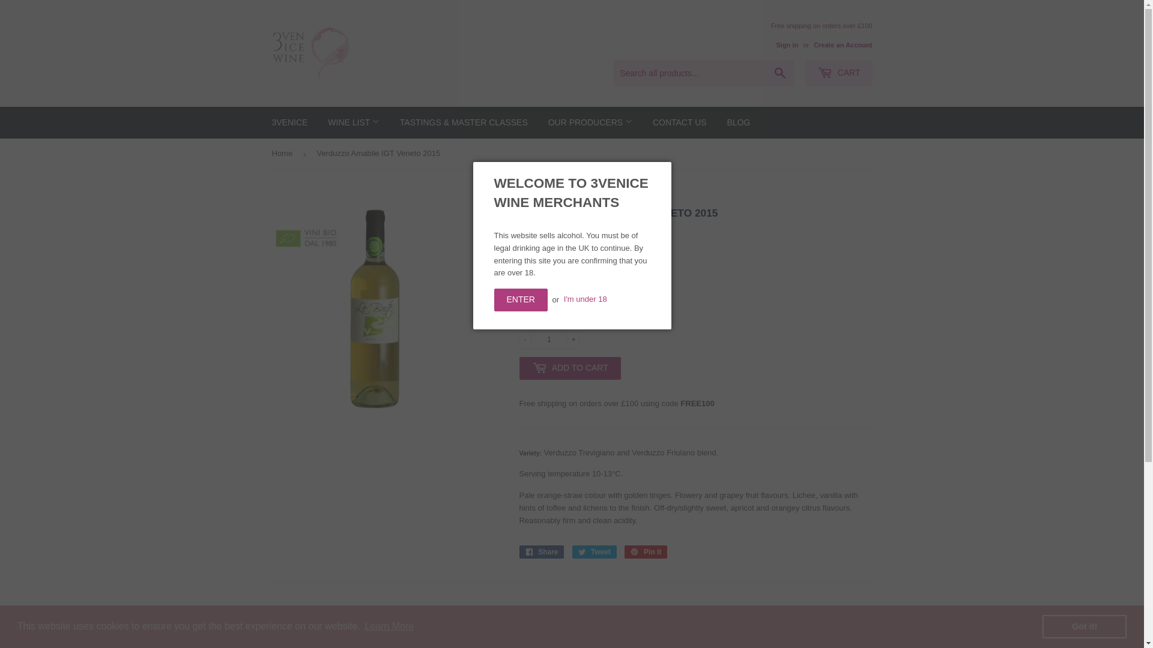 This screenshot has height=648, width=1153. Describe the element at coordinates (353, 122) in the screenshot. I see `'WINE LIST'` at that location.